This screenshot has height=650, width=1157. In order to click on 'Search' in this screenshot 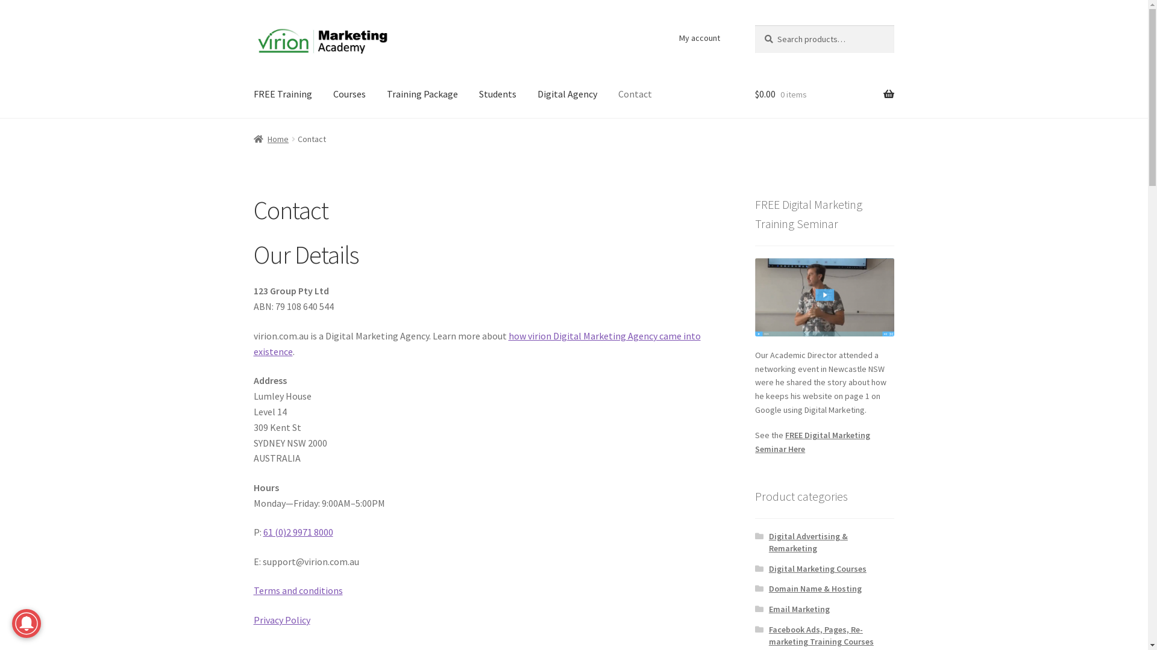, I will do `click(754, 25)`.